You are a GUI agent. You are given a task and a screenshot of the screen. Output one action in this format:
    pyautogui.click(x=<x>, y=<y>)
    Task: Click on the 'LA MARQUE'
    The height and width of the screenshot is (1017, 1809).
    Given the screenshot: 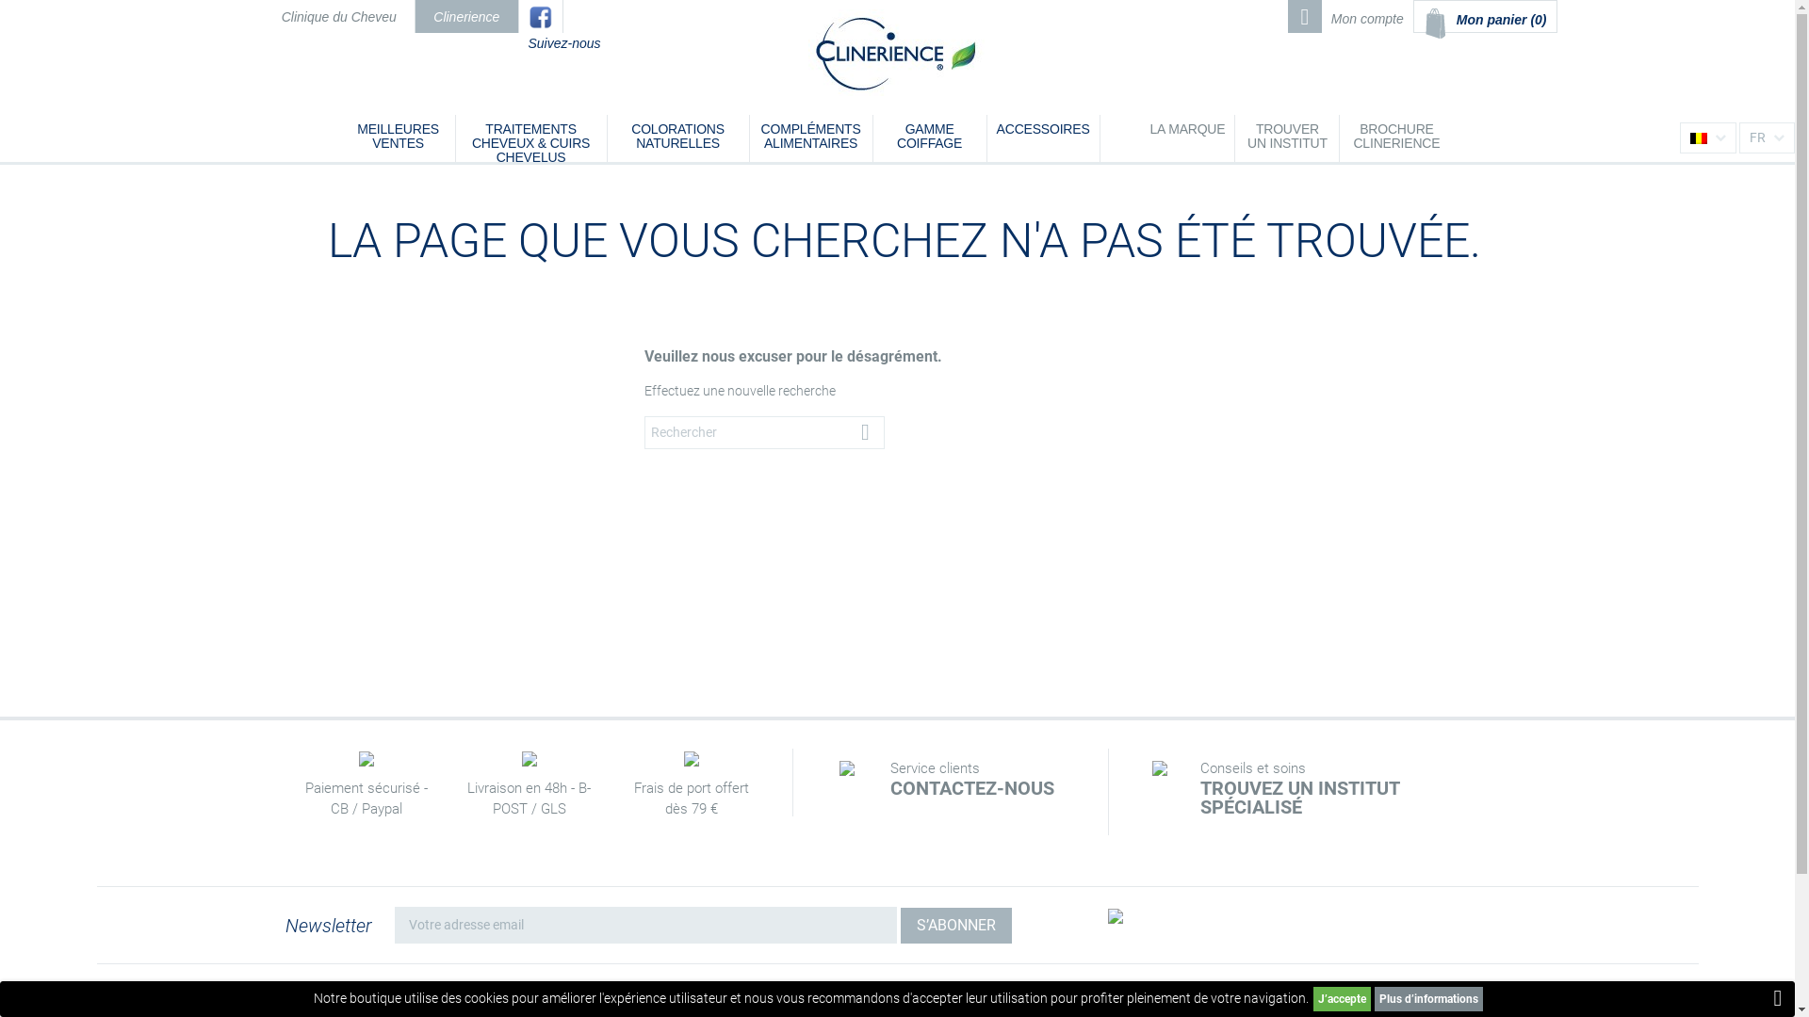 What is the action you would take?
    pyautogui.click(x=1187, y=137)
    